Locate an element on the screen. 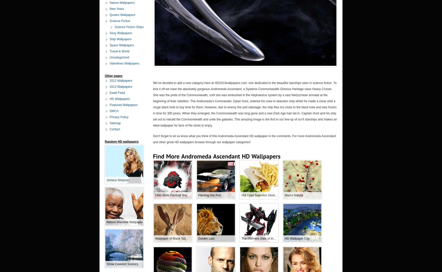  'Valentines Wallpapers' is located at coordinates (124, 64).